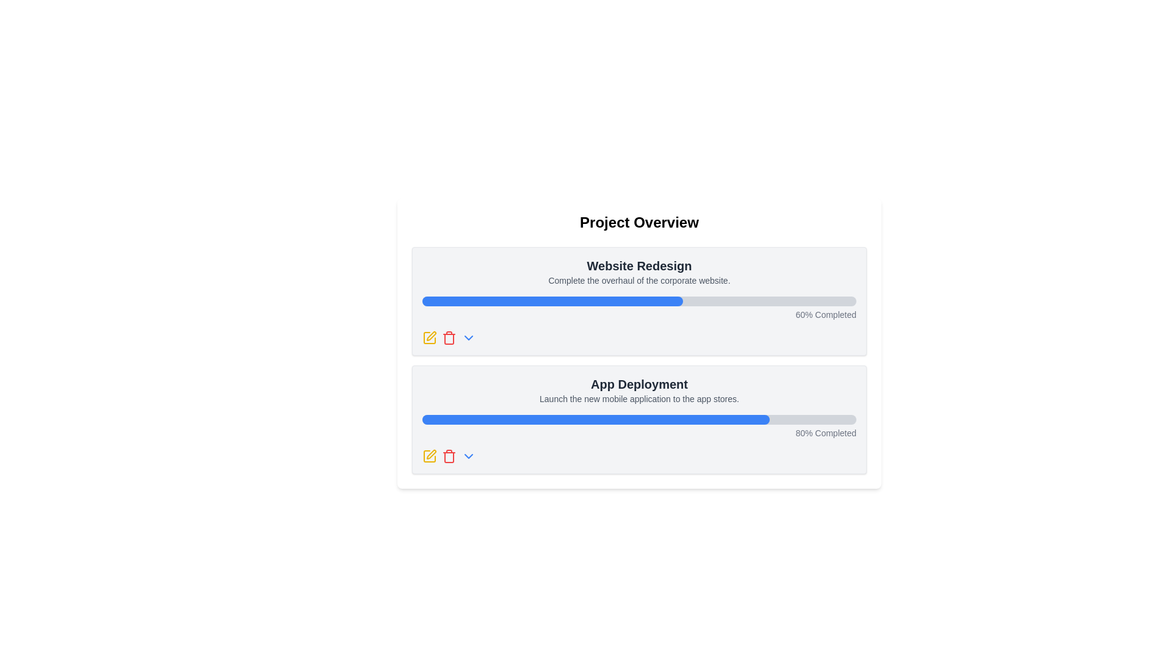  Describe the element at coordinates (638, 280) in the screenshot. I see `the static text element that reads 'Complete the overhaul of the corporate website.' which is located below the header 'Website Redesign'` at that location.